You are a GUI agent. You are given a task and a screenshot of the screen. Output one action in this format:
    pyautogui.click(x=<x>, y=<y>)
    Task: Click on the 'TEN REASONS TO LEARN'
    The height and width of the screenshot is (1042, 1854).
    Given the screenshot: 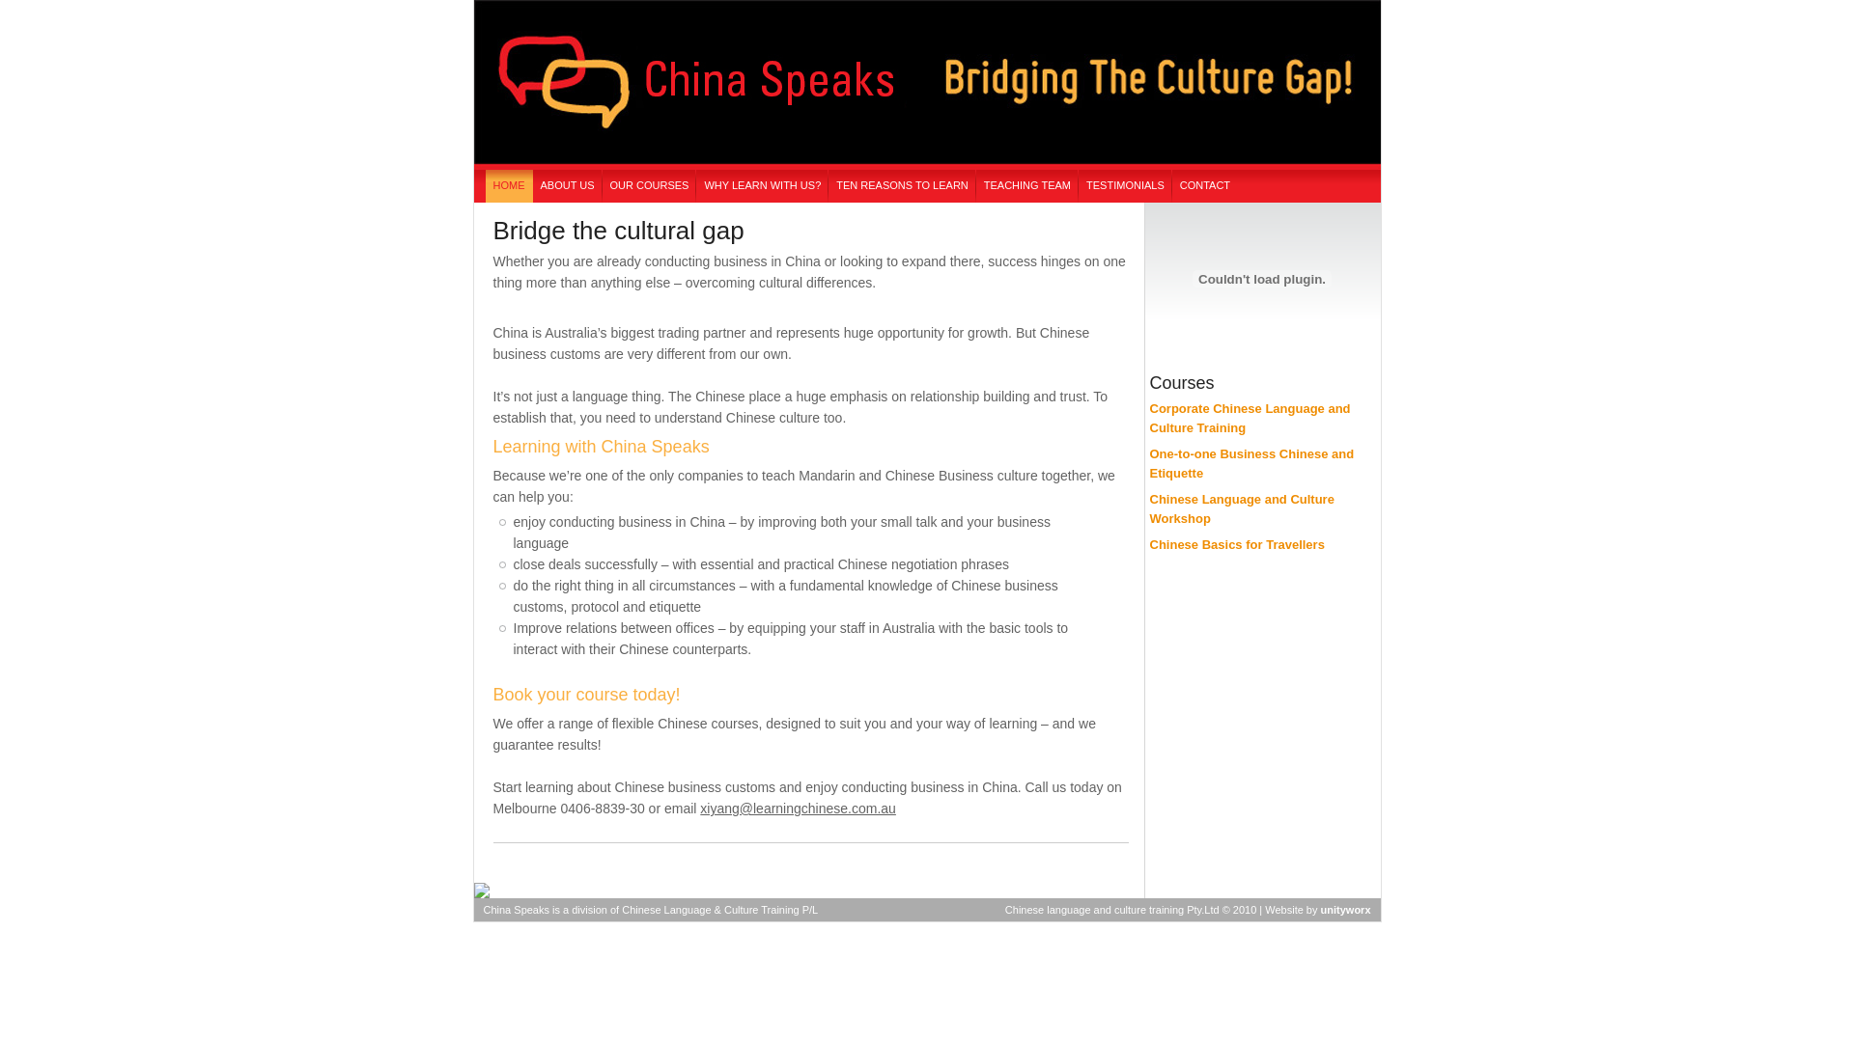 What is the action you would take?
    pyautogui.click(x=829, y=185)
    